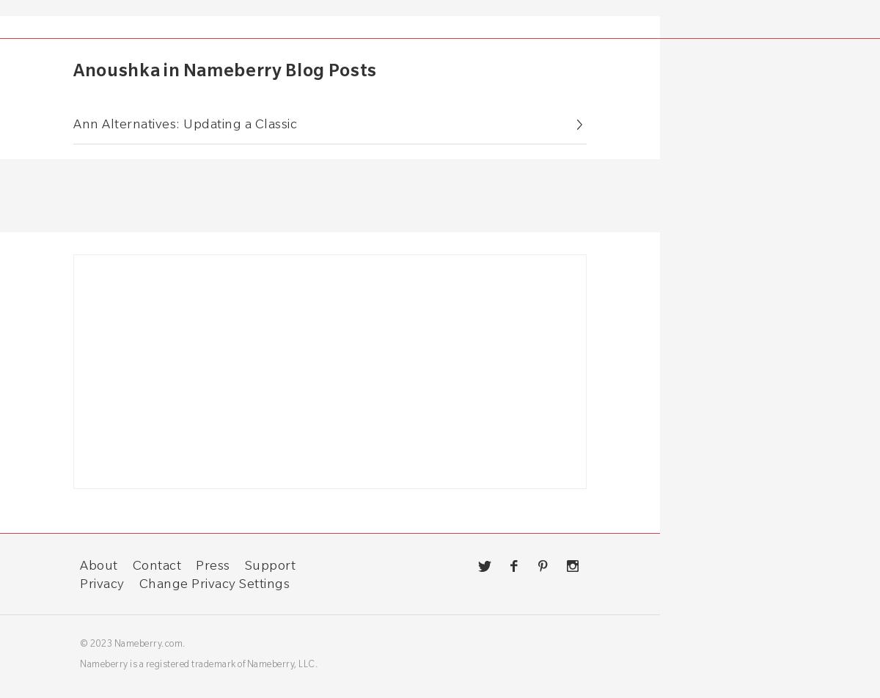 The height and width of the screenshot is (698, 880). I want to click on 'Support', so click(244, 564).